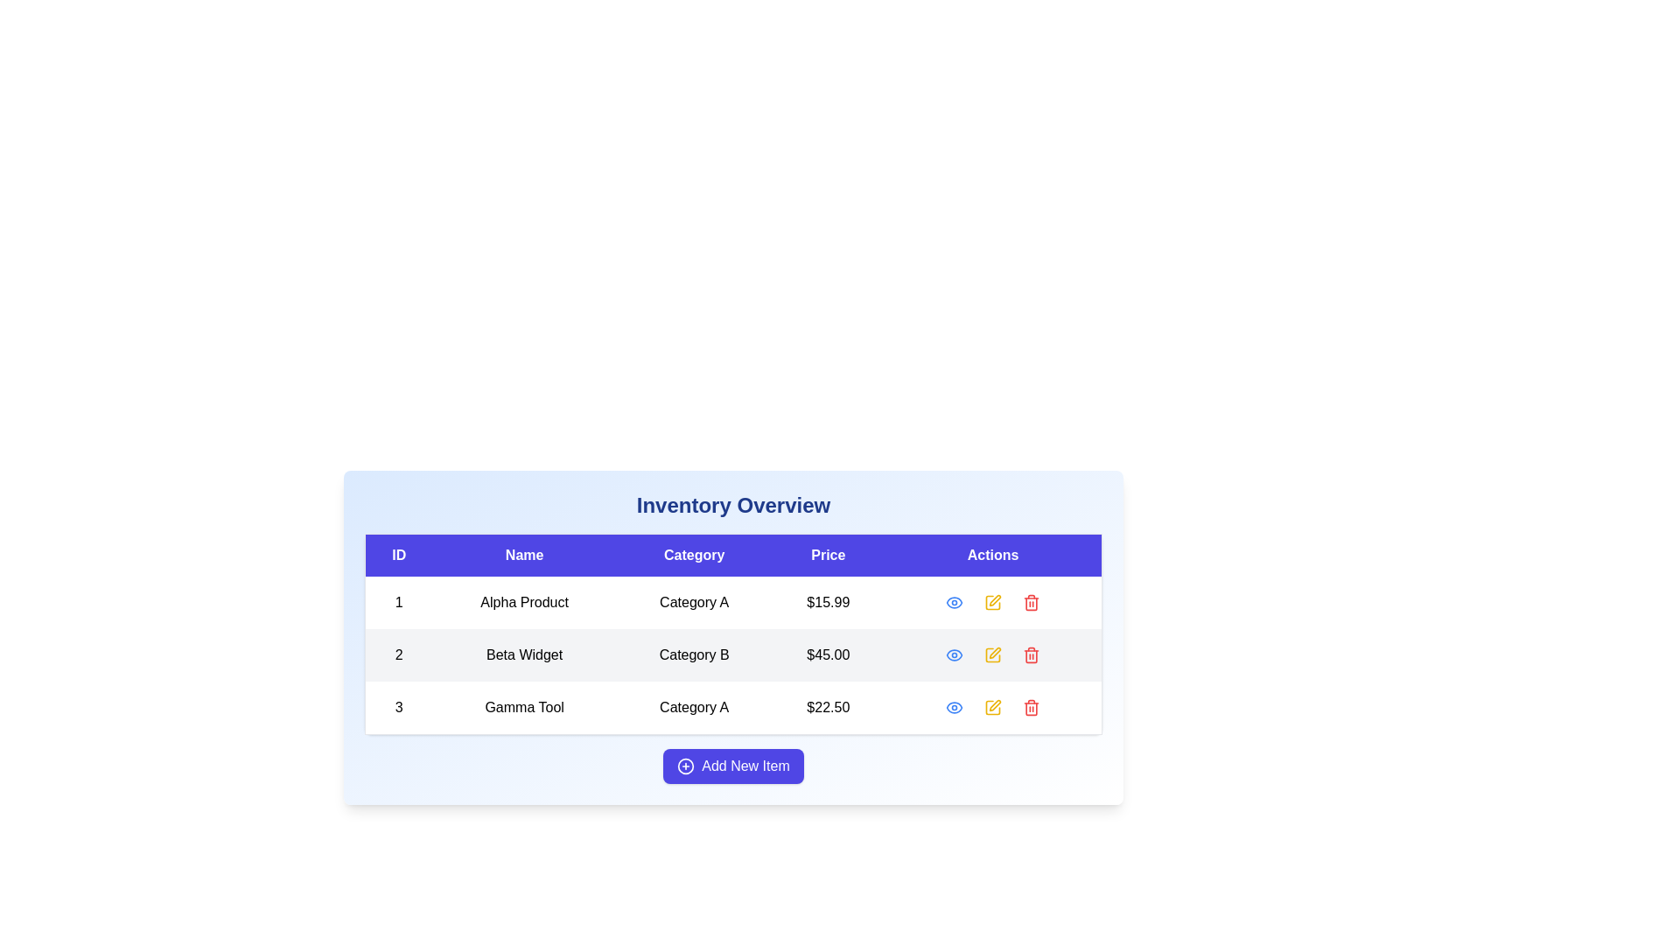  I want to click on the yellow edit icon button located in the second row under the 'Actions' column to initiate the edit workflow, so click(995, 652).